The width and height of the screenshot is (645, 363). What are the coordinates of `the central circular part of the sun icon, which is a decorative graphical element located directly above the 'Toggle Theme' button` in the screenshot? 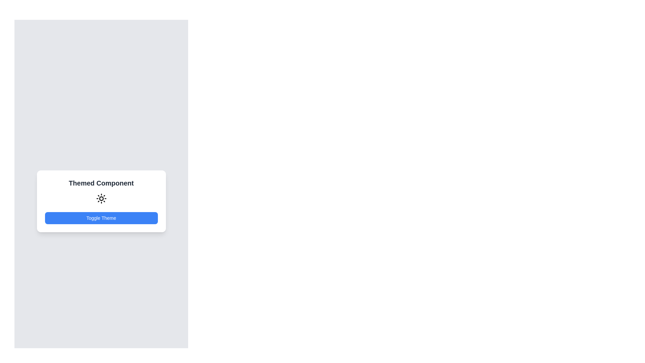 It's located at (101, 198).